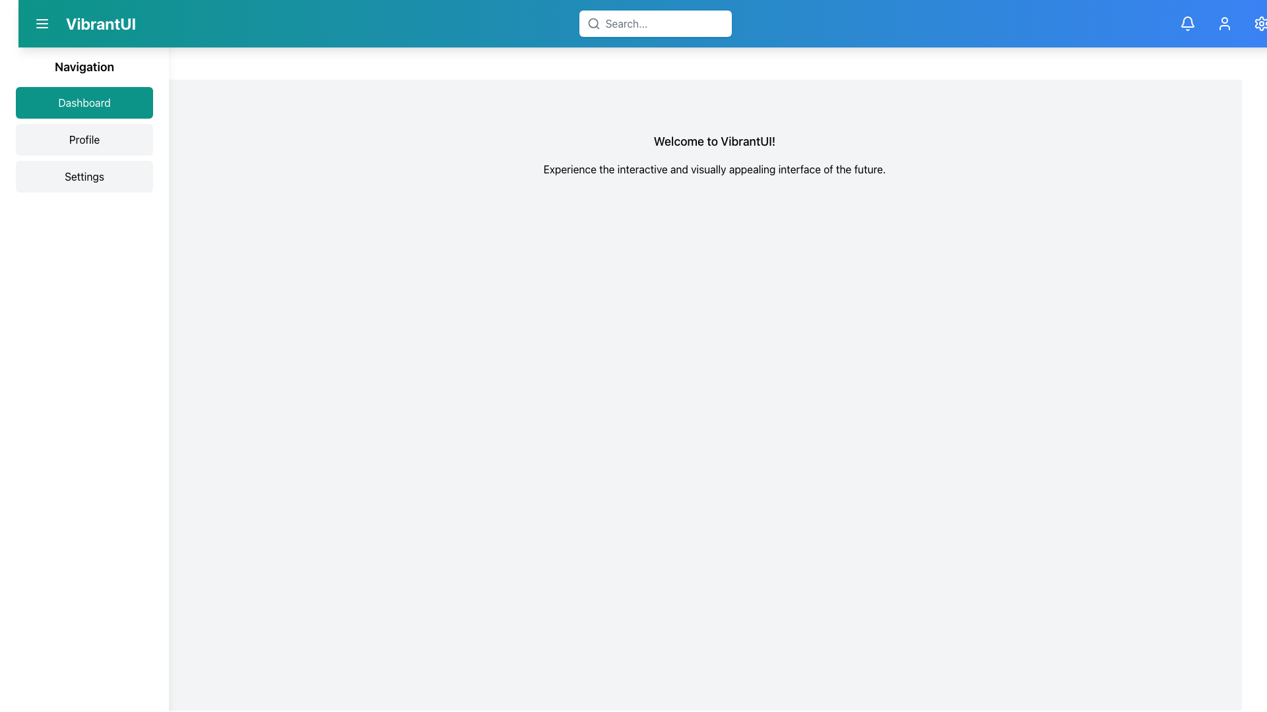 This screenshot has height=712, width=1267. I want to click on the 'Profile' navigation button located in the left-hand sidebar, which is the second button in a vertical stack of three buttons, to change its background color, so click(84, 140).